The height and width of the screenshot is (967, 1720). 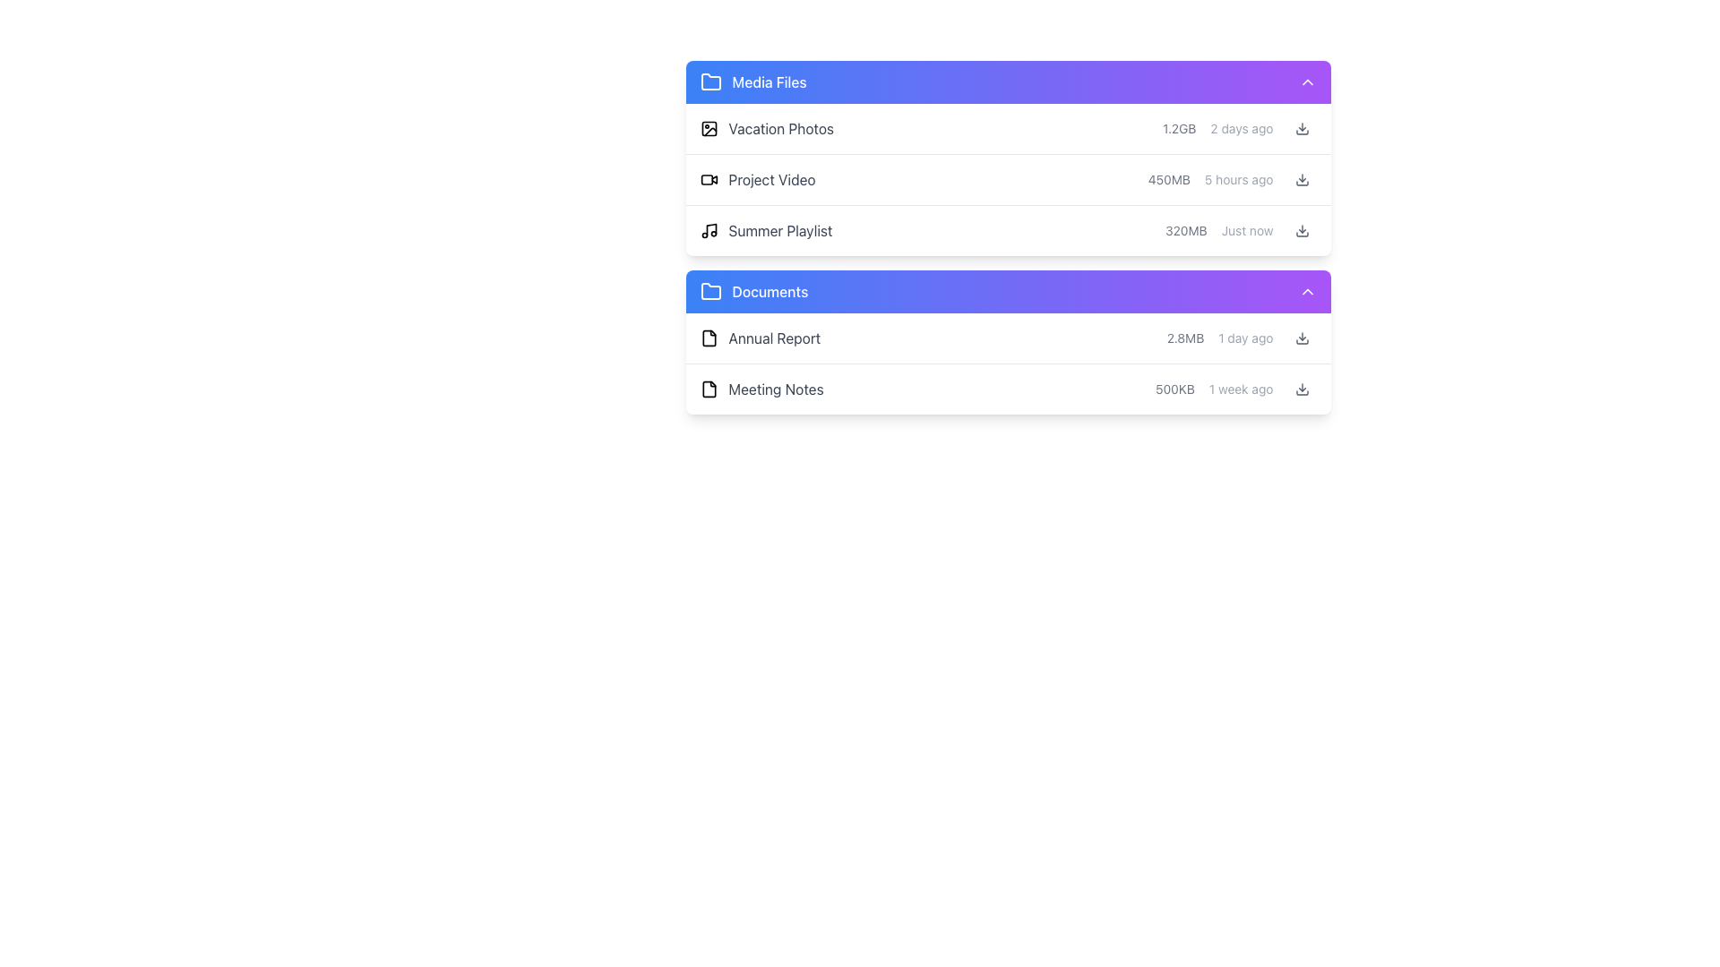 What do you see at coordinates (1186, 230) in the screenshot?
I see `text label indicating the file size of the 'Summer Playlist' item, which is positioned towards the right end near the 'Just now' timestamp` at bounding box center [1186, 230].